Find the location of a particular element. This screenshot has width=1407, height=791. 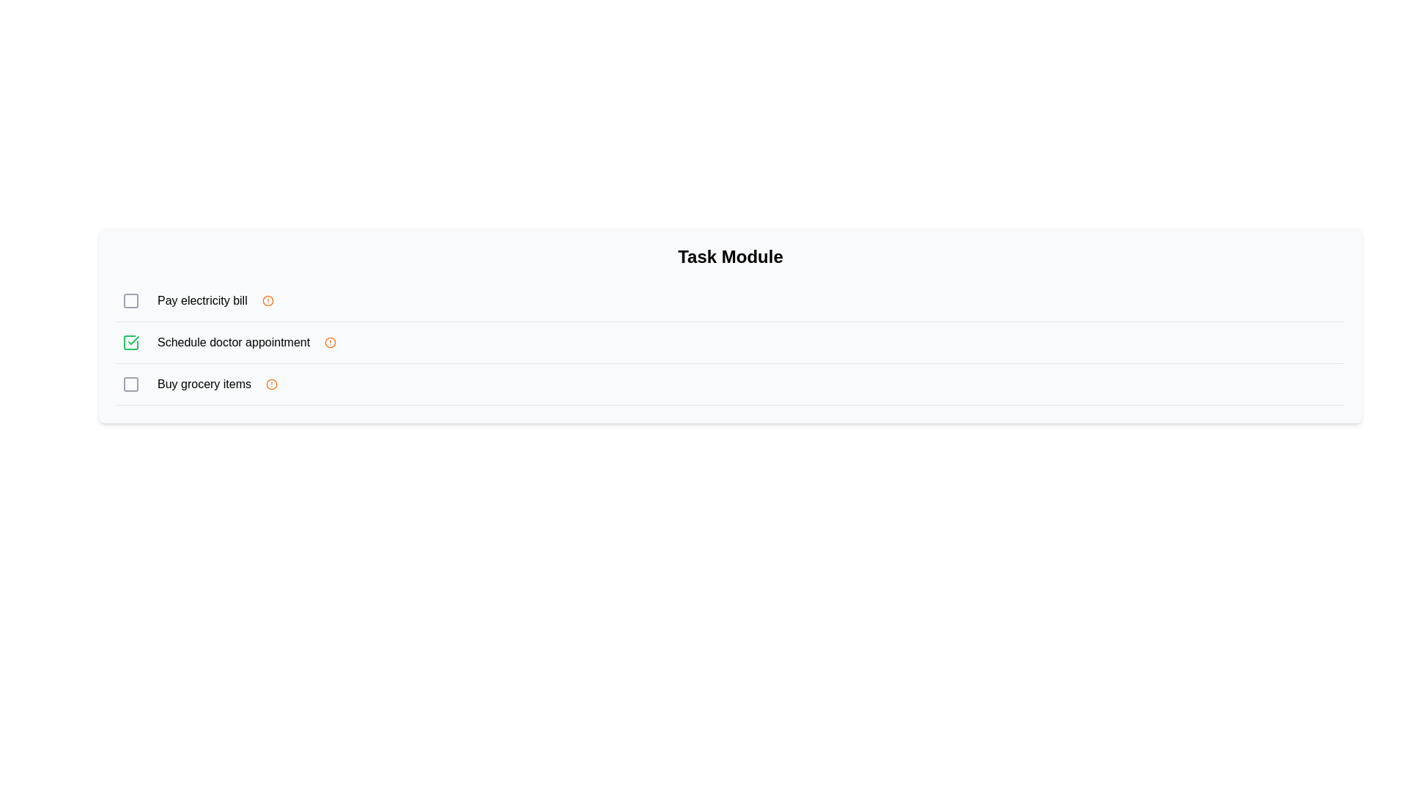

the checkbox located at the far left end of the bottom-most item in the 'Buy grocery items' list is located at coordinates (130, 383).